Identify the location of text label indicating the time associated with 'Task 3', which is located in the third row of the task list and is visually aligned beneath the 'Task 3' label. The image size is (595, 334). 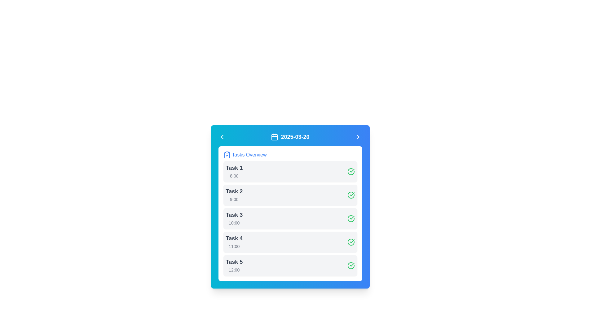
(234, 223).